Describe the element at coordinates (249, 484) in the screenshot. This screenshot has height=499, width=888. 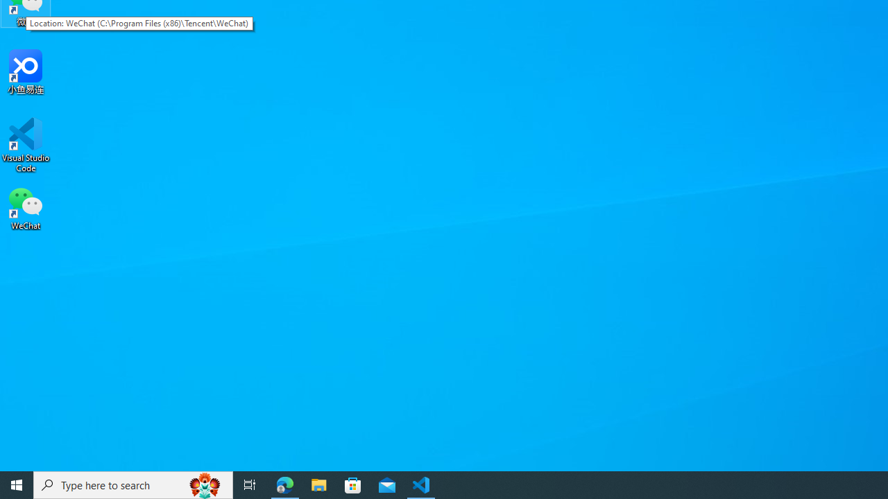
I see `'Task View'` at that location.